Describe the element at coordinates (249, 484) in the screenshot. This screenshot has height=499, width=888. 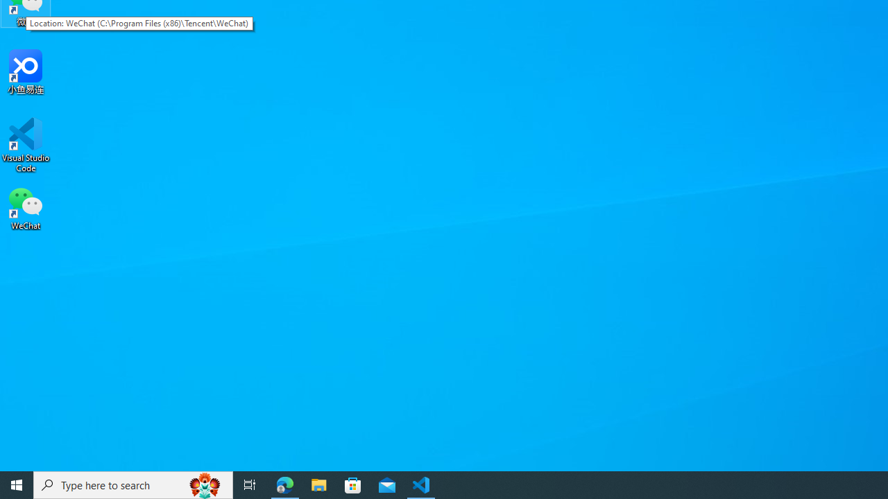
I see `'Task View'` at that location.